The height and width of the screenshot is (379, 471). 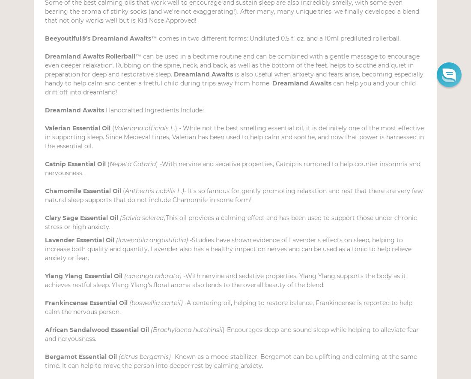 I want to click on 'Bergamot Essential Oil', so click(x=81, y=357).